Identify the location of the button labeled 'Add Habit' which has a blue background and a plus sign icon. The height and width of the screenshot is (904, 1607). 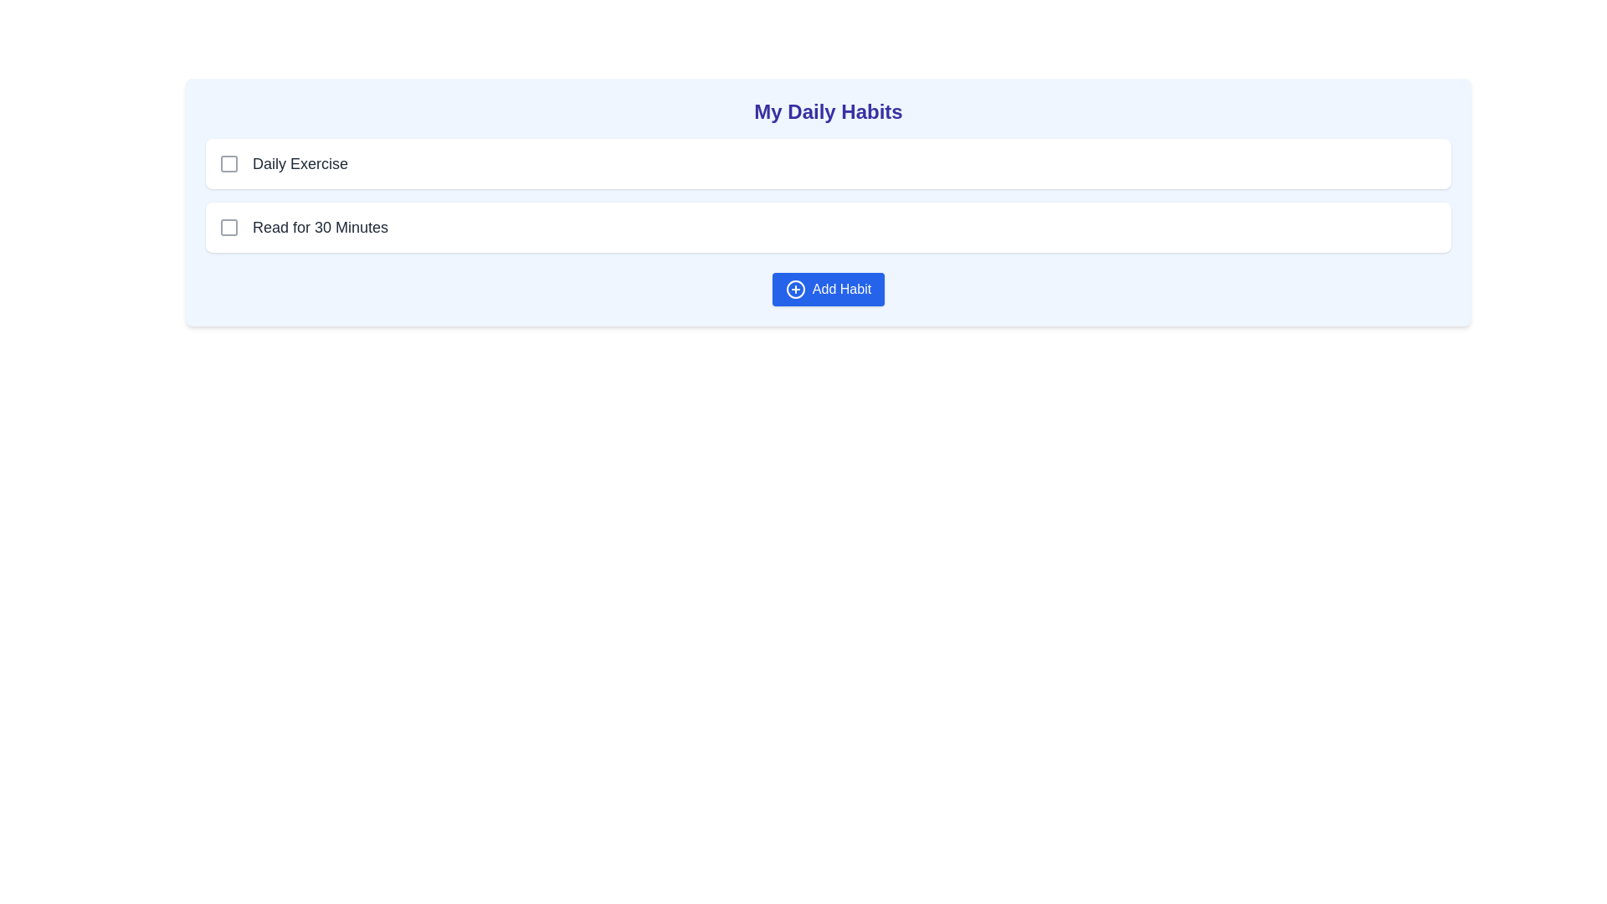
(828, 289).